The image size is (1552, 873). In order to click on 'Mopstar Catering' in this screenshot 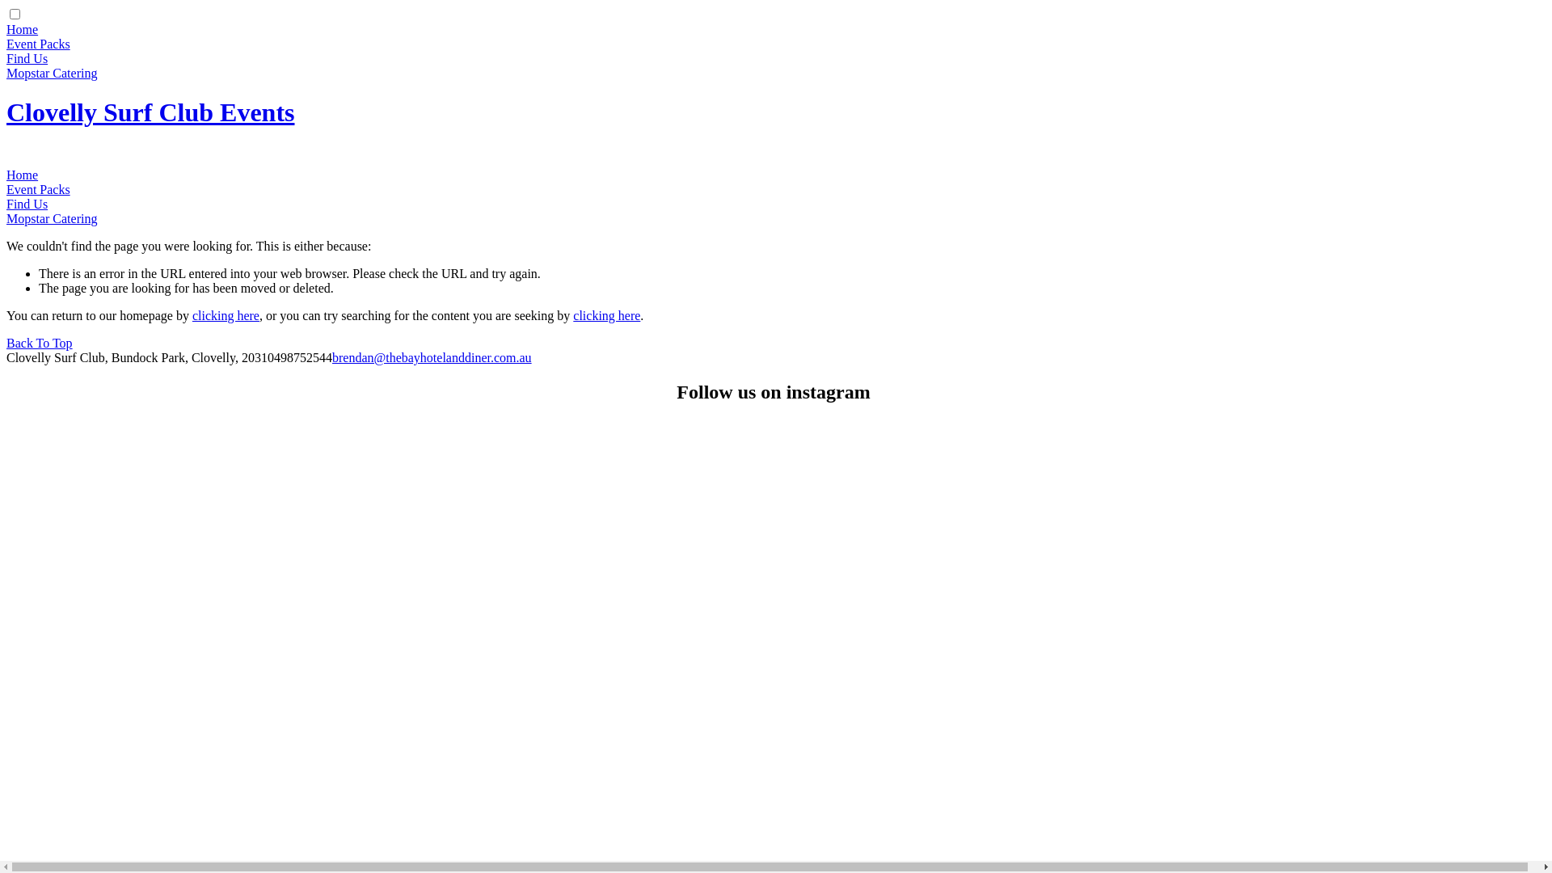, I will do `click(51, 218)`.